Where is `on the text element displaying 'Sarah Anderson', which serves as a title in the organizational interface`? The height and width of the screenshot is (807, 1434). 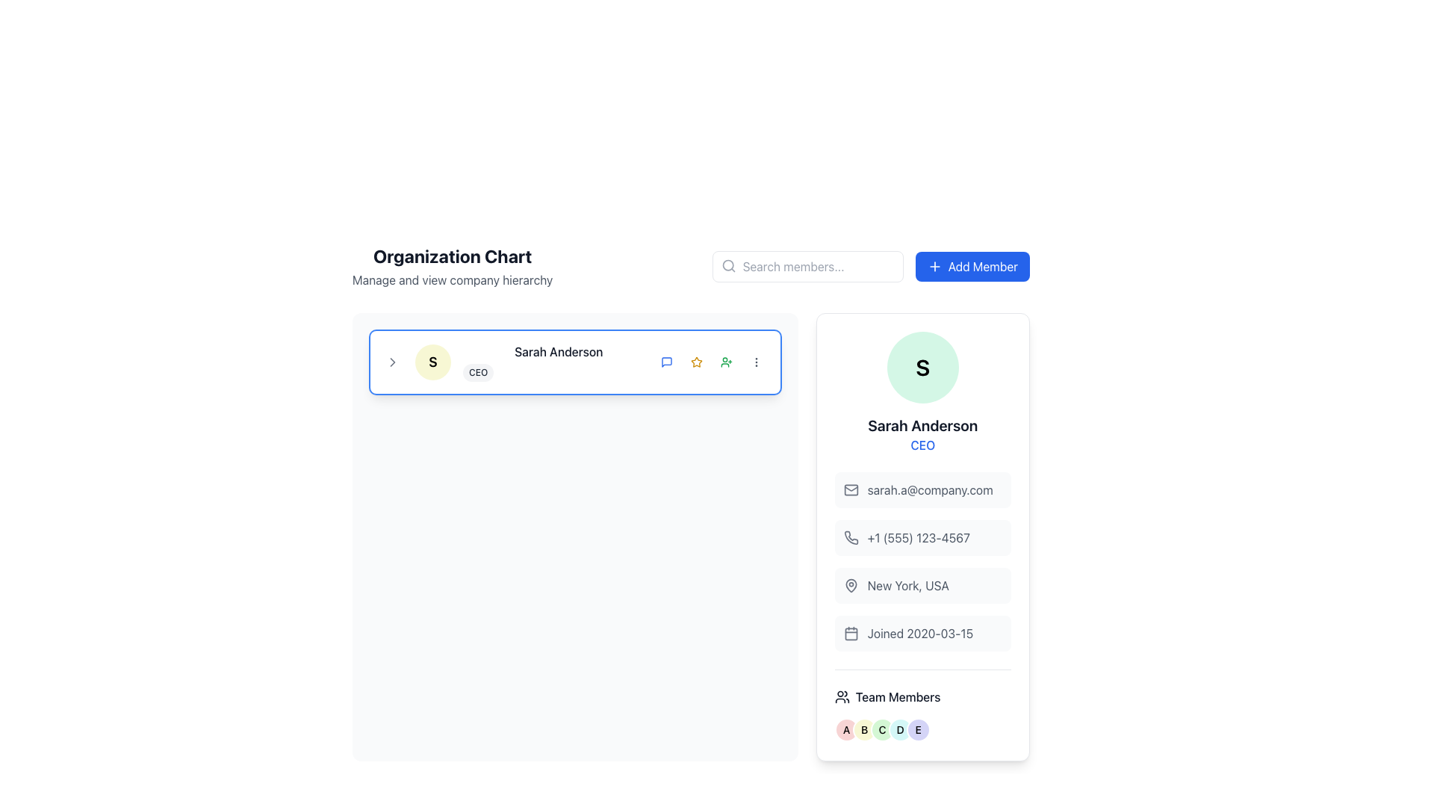
on the text element displaying 'Sarah Anderson', which serves as a title in the organizational interface is located at coordinates (558, 351).